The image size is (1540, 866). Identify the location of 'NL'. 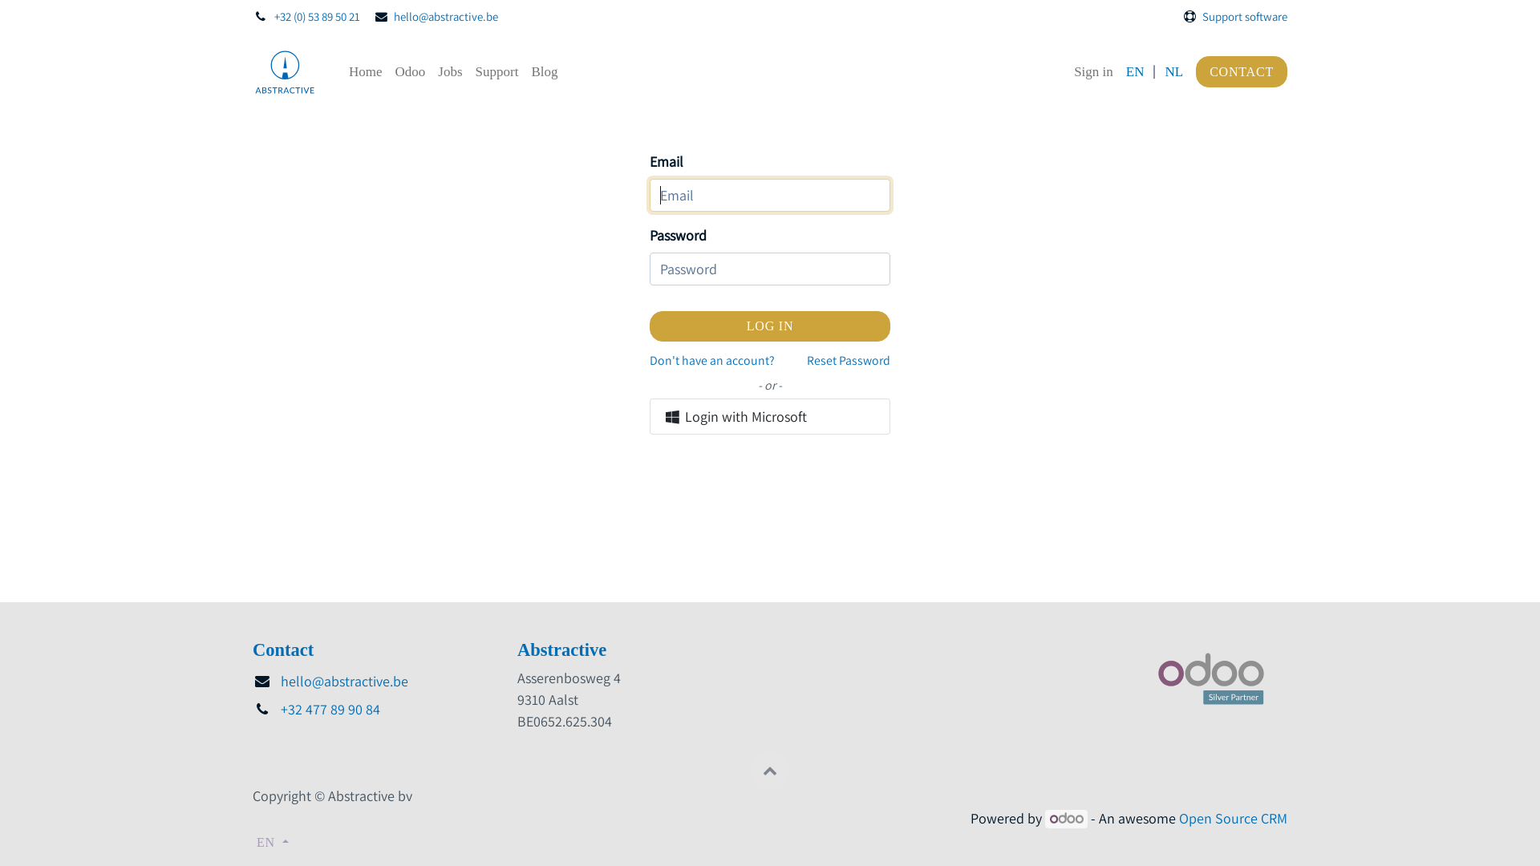
(1164, 71).